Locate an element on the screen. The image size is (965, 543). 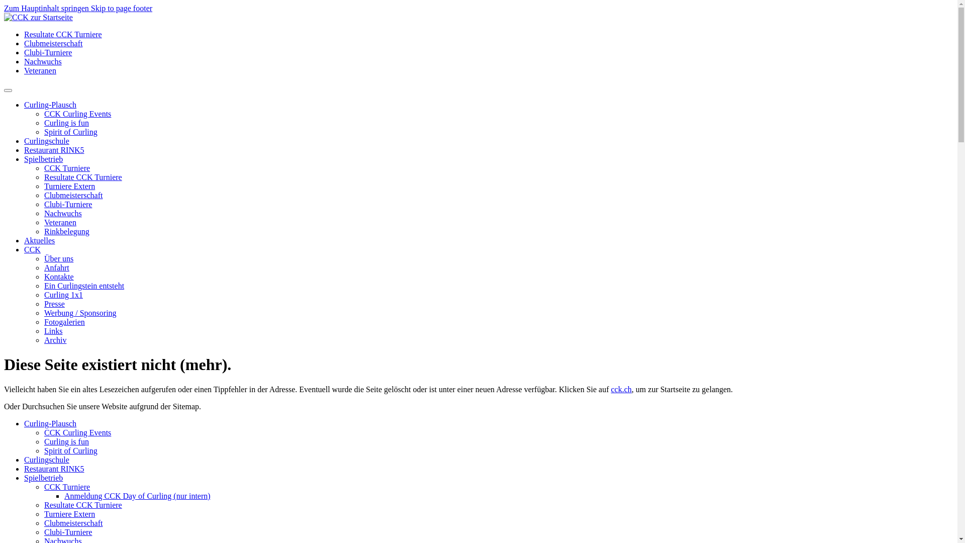
'Fotogalerien' is located at coordinates (64, 322).